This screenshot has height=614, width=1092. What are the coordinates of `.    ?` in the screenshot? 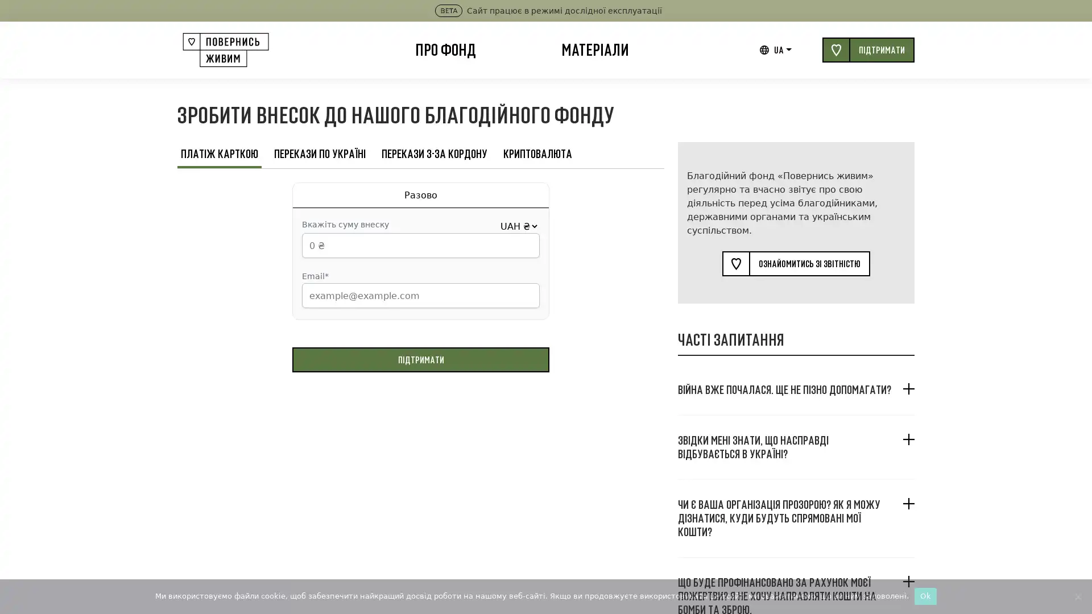 It's located at (796, 389).